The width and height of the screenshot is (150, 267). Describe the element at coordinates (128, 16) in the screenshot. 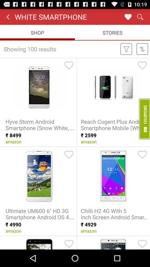

I see `item to the right of white smartphone item` at that location.